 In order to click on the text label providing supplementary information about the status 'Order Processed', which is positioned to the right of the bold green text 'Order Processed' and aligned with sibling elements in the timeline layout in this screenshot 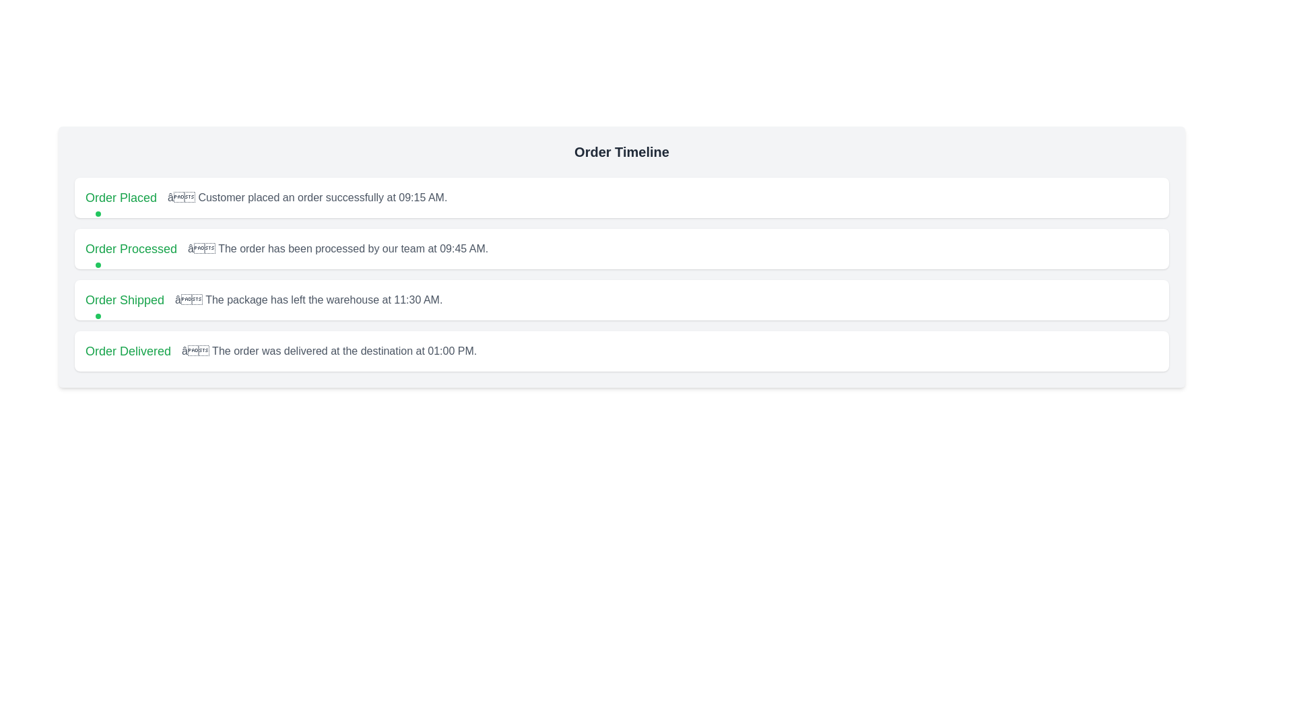, I will do `click(338, 249)`.